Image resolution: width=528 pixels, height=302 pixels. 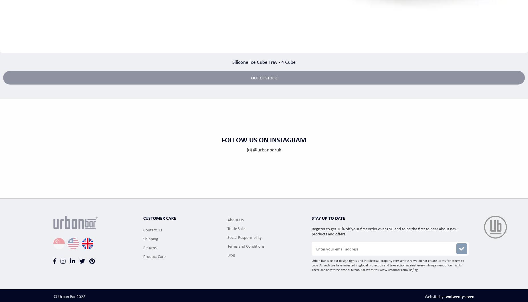 I want to click on 'Trade Sales', so click(x=227, y=228).